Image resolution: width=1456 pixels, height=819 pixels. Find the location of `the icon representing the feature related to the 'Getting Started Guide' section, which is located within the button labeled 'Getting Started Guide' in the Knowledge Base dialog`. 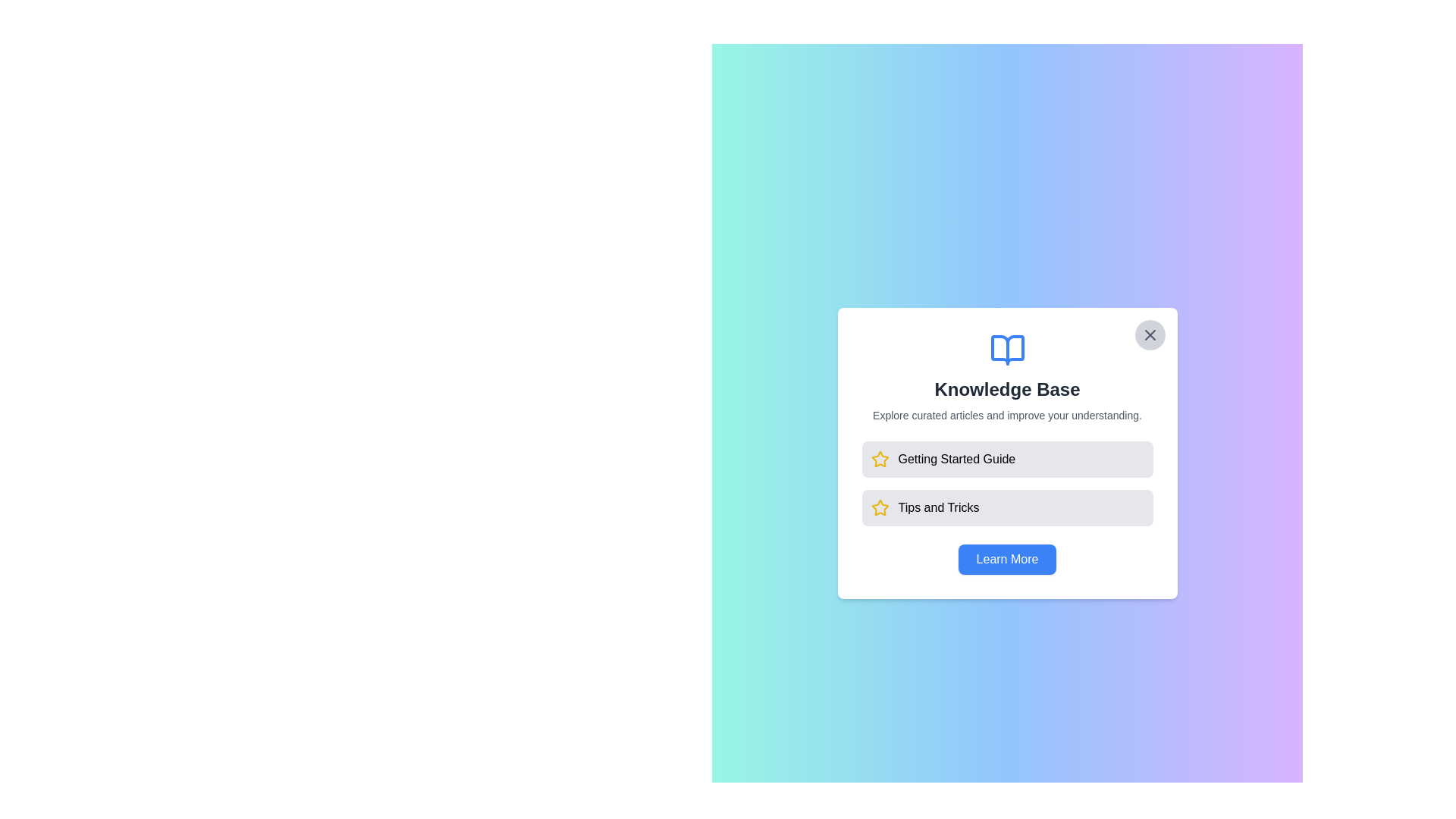

the icon representing the feature related to the 'Getting Started Guide' section, which is located within the button labeled 'Getting Started Guide' in the Knowledge Base dialog is located at coordinates (880, 507).